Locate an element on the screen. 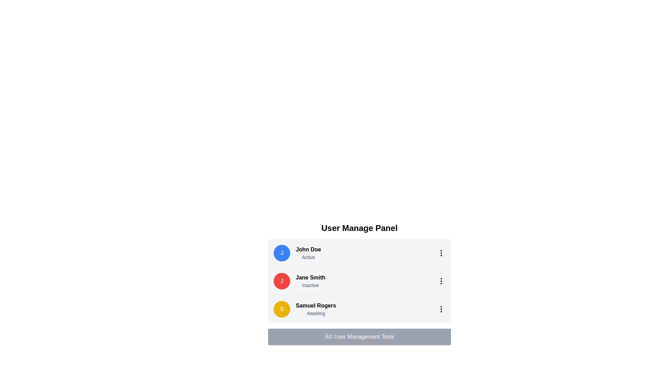 The width and height of the screenshot is (665, 374). the large, bold text label reading 'User Manage Panel' at the top of the user management interface is located at coordinates (359, 228).